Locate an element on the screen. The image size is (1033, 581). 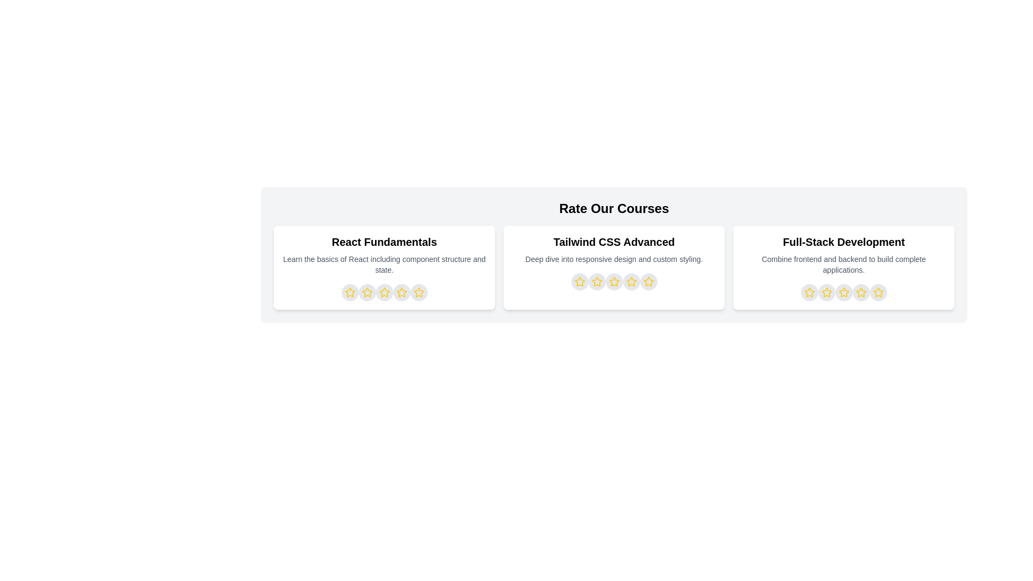
the star representing 4 stars for the course titled Tailwind CSS Advanced is located at coordinates (631, 281).